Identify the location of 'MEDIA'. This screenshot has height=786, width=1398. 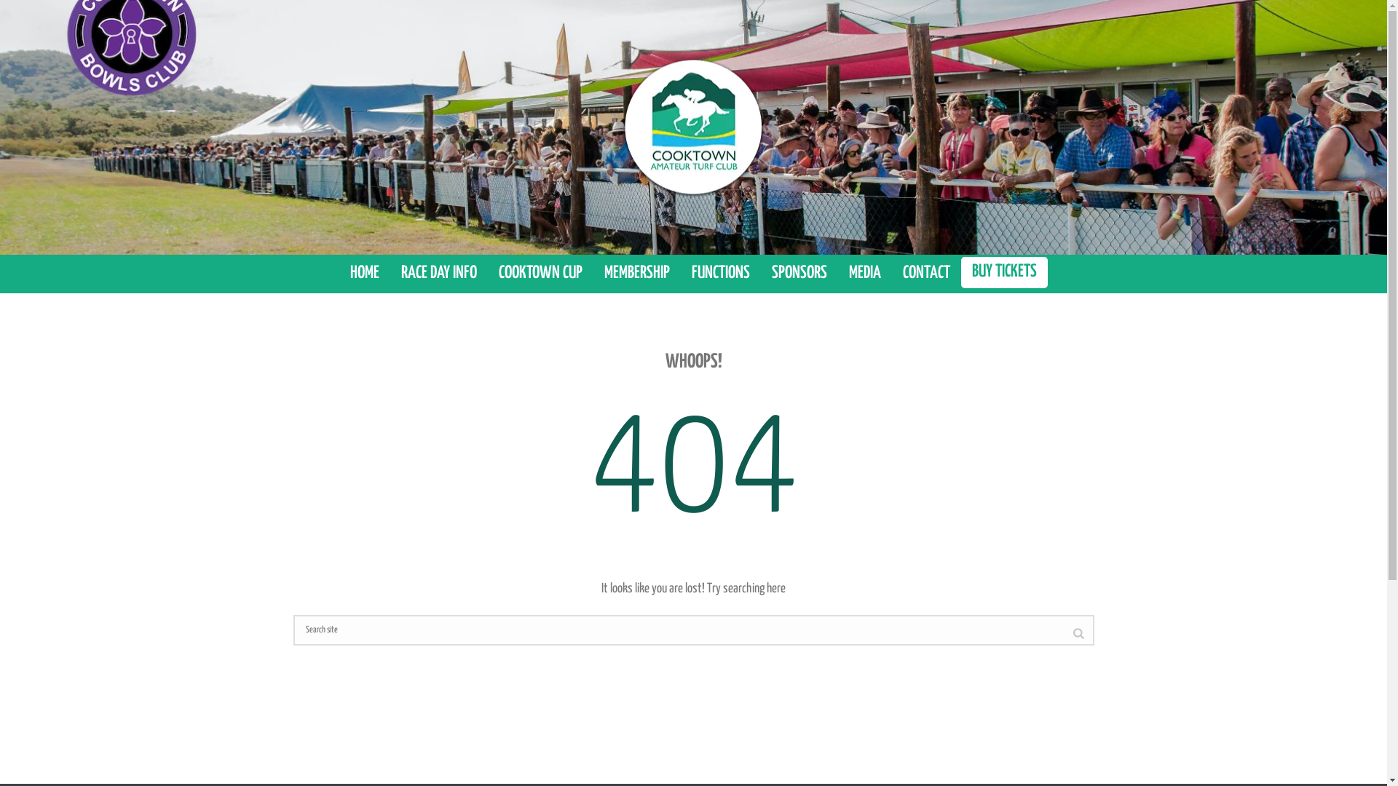
(865, 274).